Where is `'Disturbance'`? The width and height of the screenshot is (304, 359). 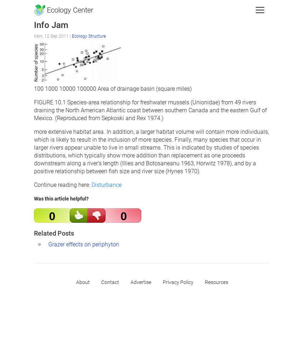
'Disturbance' is located at coordinates (91, 184).